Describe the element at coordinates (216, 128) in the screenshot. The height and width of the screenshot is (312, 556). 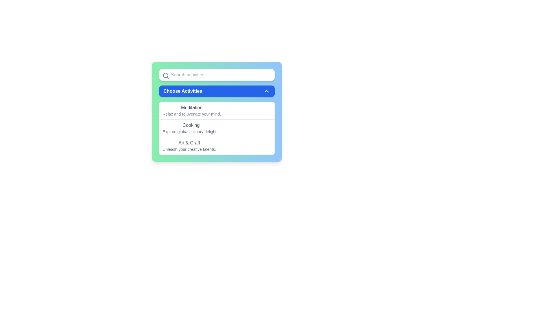
I see `to select the 'Cooking' option in the menu panel, which is the second entry in a vertically stacked list between 'Meditation' and 'Art & Craft'` at that location.